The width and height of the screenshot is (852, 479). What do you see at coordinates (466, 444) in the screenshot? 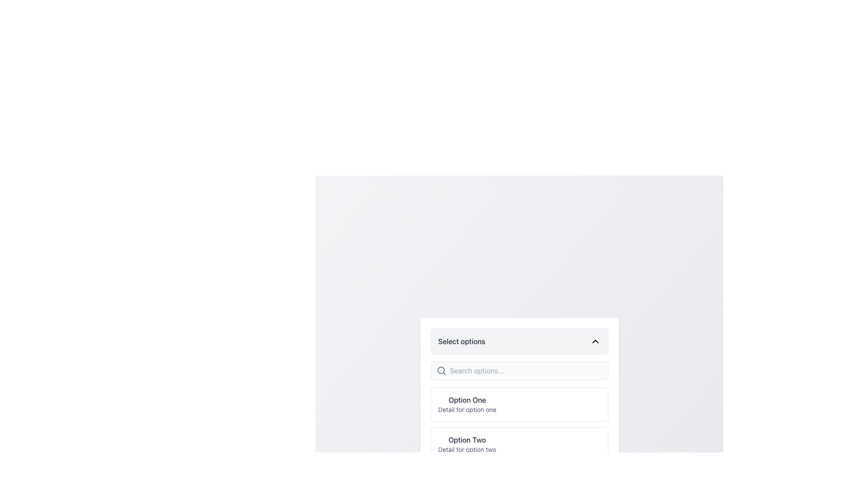
I see `the second item in the dropdown menu labeled 'Option Two'` at bounding box center [466, 444].